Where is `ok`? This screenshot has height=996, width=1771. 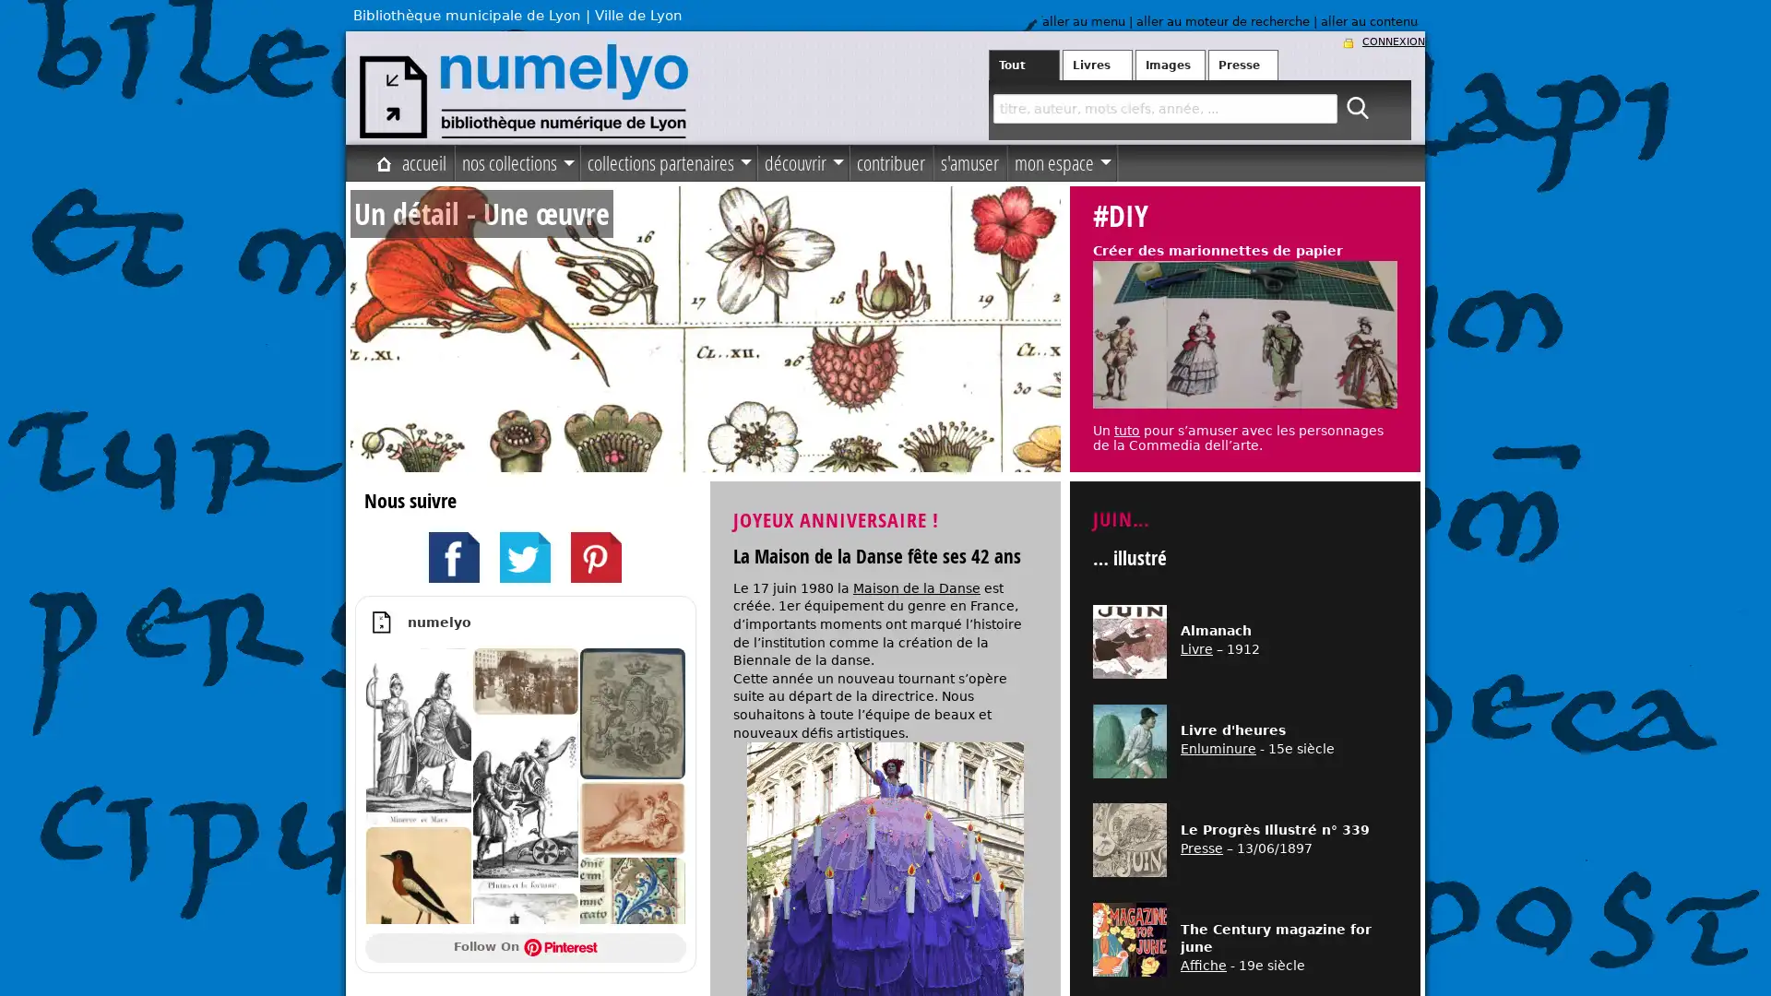
ok is located at coordinates (1358, 107).